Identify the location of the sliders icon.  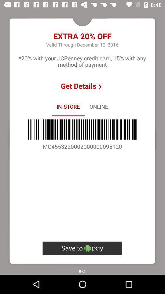
(82, 248).